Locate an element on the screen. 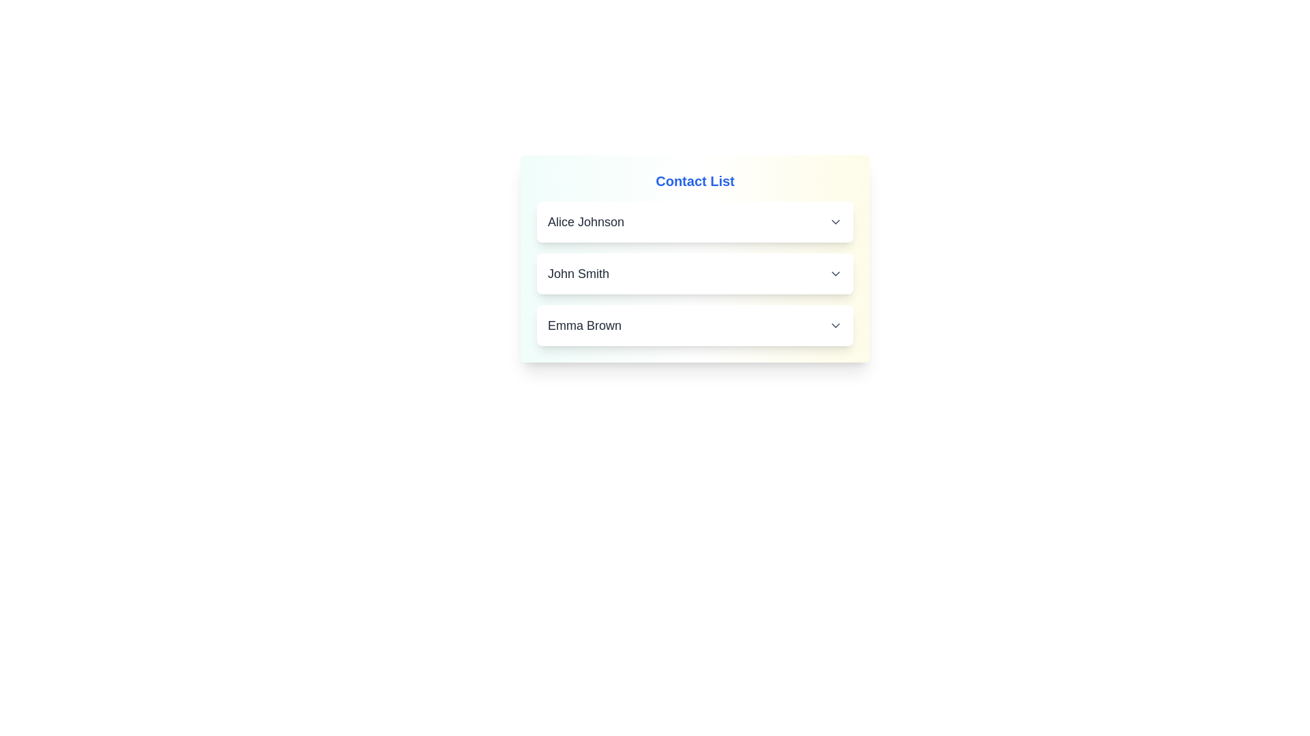  the contact Alice Johnson and copy its details is located at coordinates (695, 221).